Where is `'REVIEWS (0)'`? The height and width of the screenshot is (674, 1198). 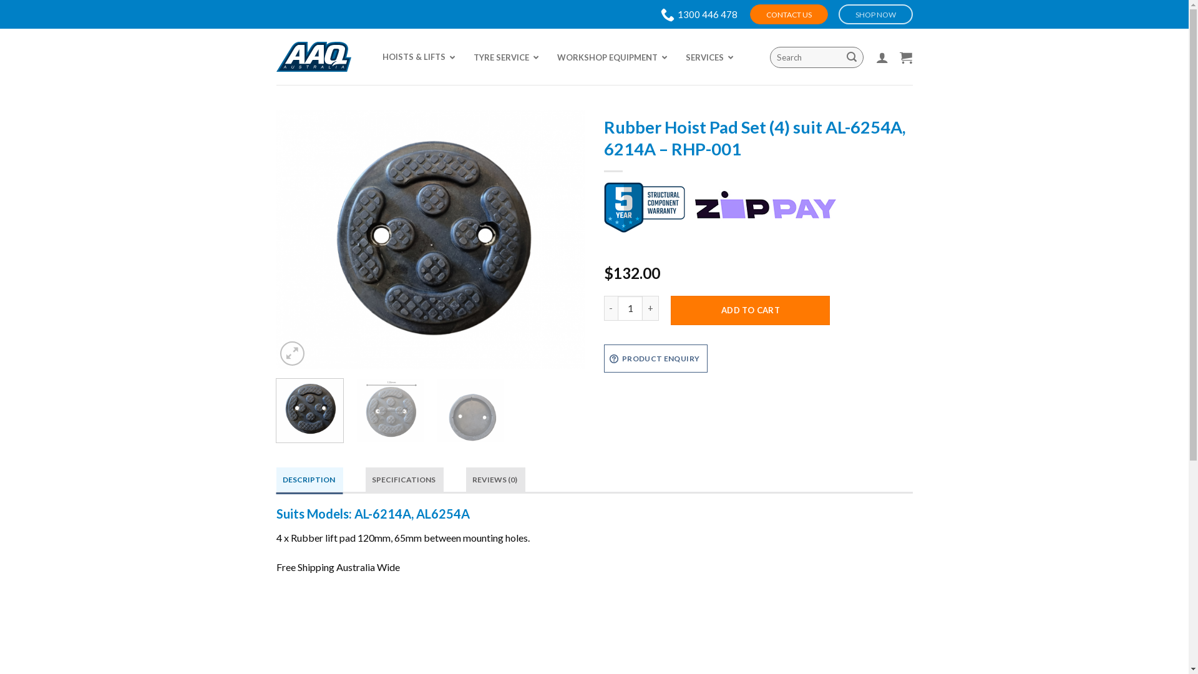
'REVIEWS (0)' is located at coordinates (494, 479).